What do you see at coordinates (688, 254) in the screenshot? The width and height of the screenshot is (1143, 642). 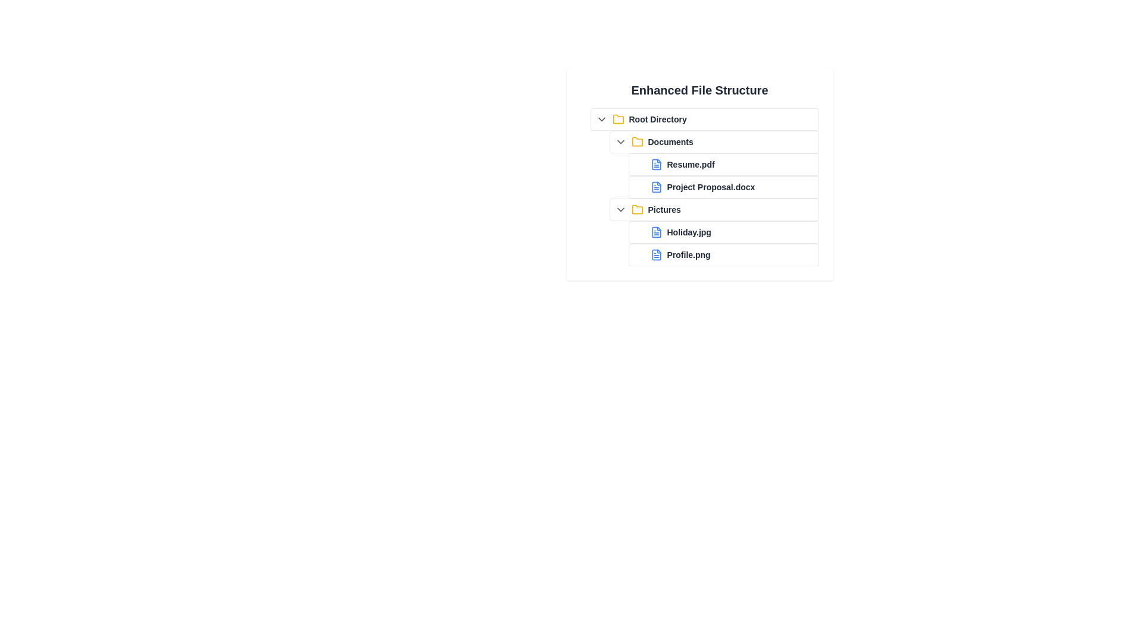 I see `the text label displaying the filename 'Profile.png', which is styled with a gray font color and bold font weight, located in the 'Pictures' folder to the right of a blue file icon` at bounding box center [688, 254].